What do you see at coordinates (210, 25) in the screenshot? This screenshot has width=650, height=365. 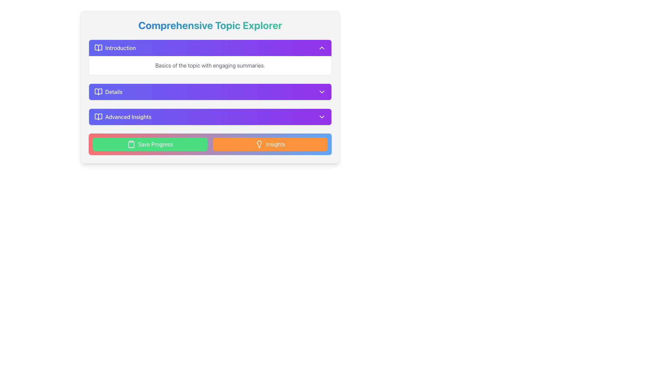 I see `the bold and large title 'Comprehensive Topic Explorer' at the top of the section` at bounding box center [210, 25].